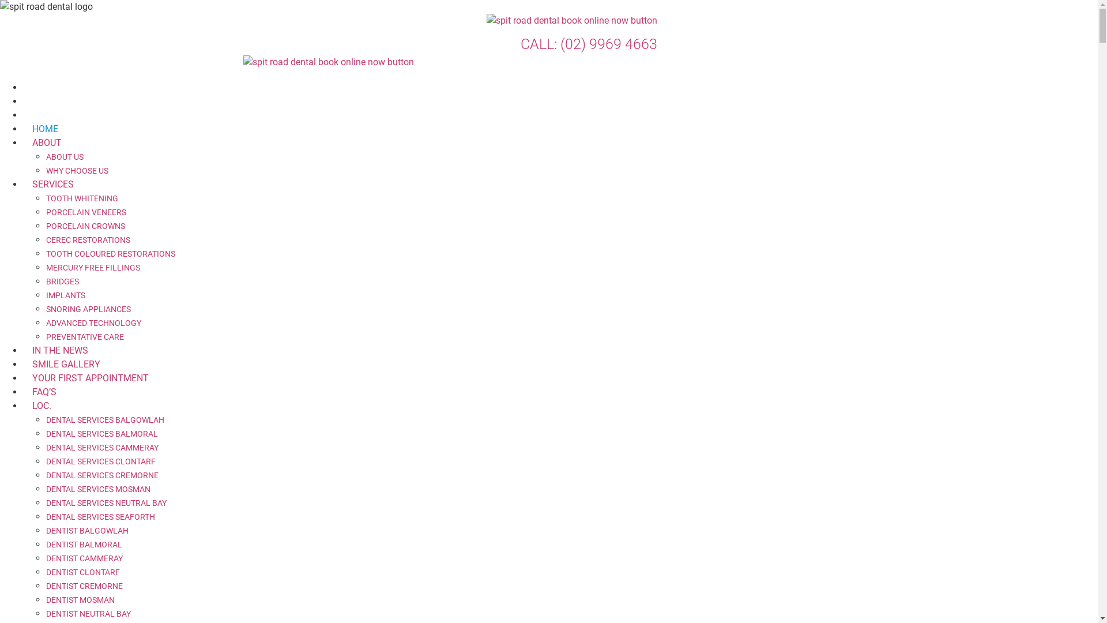 This screenshot has width=1107, height=623. I want to click on 'PREVENTATIVE CARE', so click(84, 336).